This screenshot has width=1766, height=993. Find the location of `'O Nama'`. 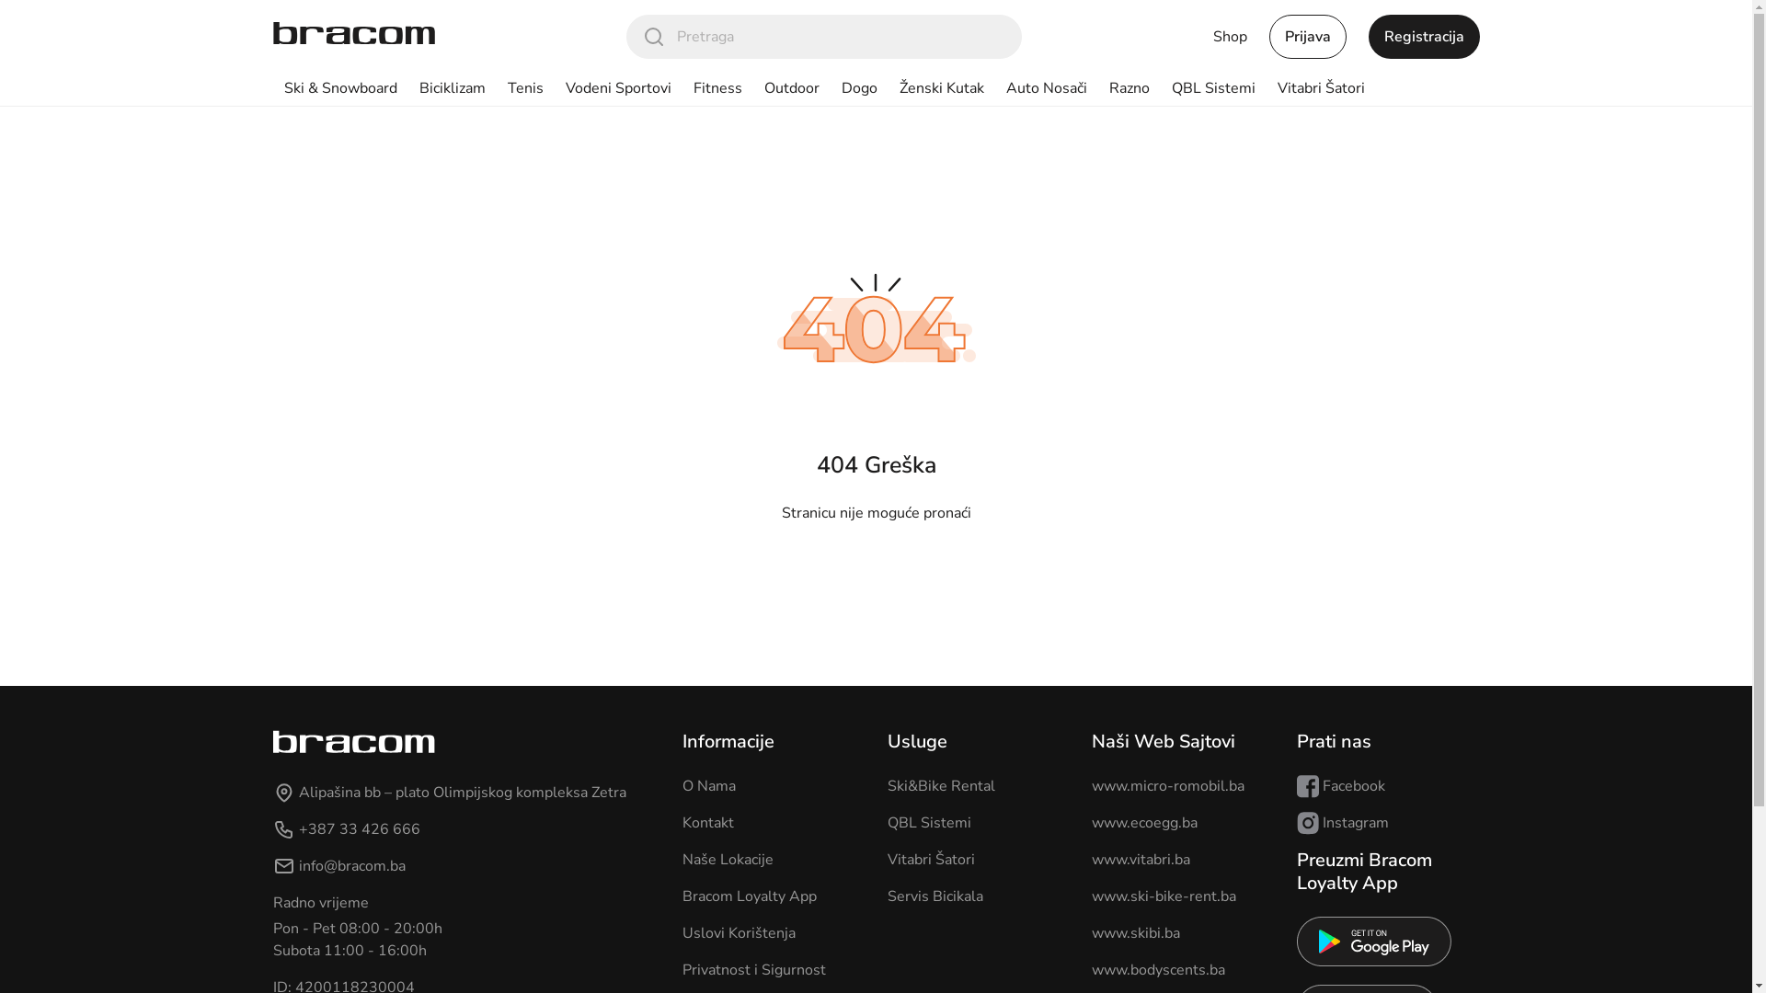

'O Nama' is located at coordinates (708, 786).